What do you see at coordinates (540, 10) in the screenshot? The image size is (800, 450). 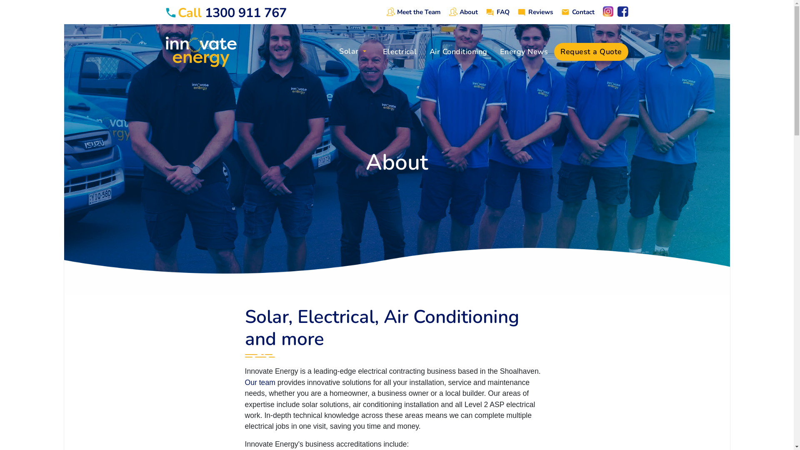 I see `'Reviews'` at bounding box center [540, 10].